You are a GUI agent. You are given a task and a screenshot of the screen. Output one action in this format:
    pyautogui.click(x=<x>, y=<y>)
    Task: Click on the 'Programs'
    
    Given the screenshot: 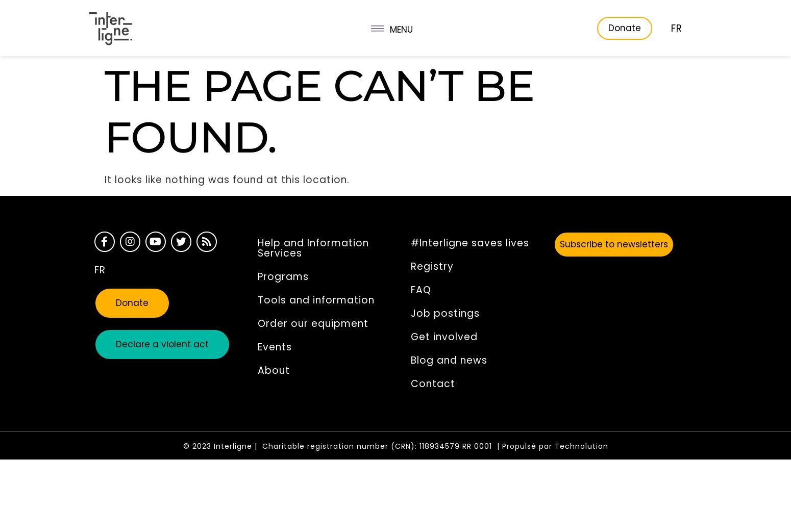 What is the action you would take?
    pyautogui.click(x=283, y=276)
    